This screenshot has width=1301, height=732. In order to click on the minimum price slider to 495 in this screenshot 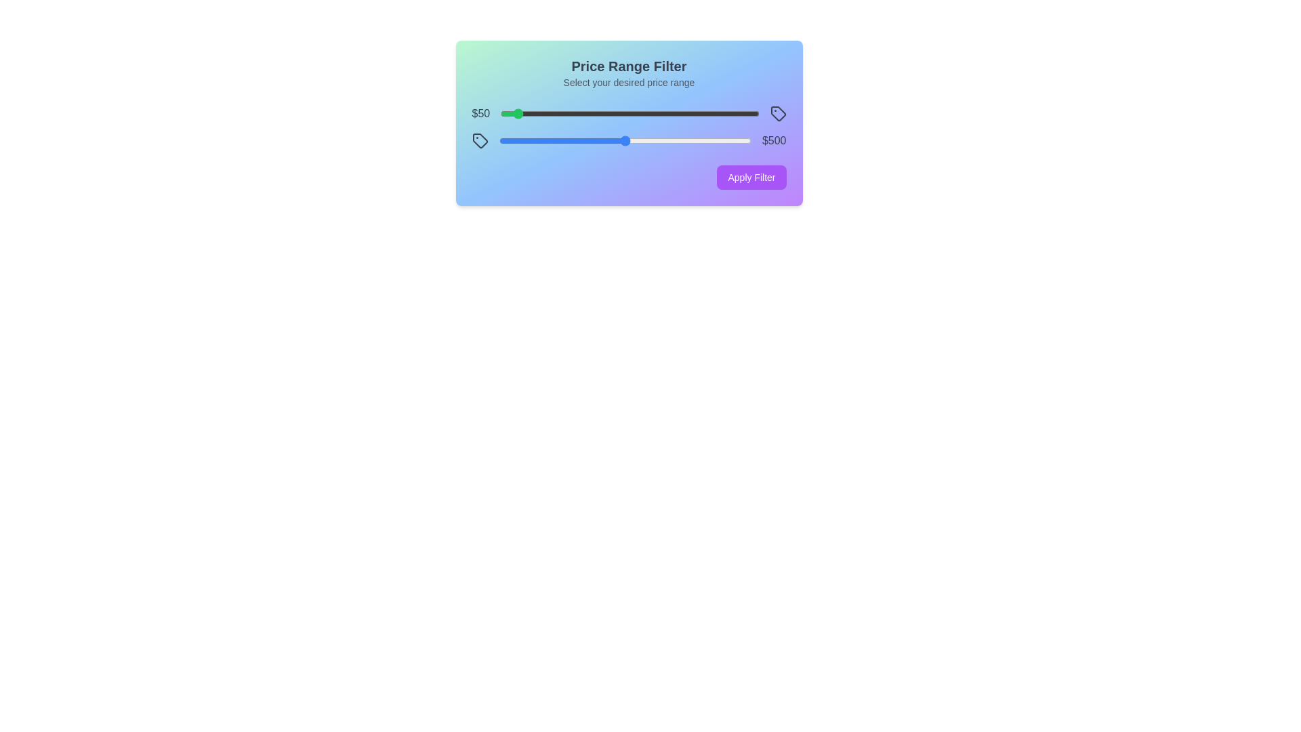, I will do `click(627, 113)`.